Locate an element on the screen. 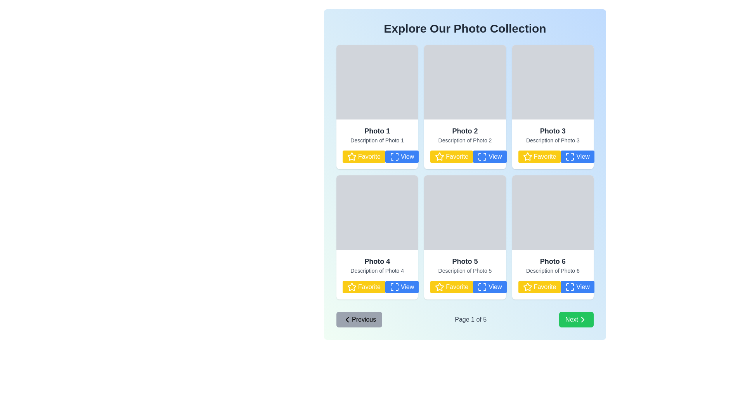  the 'Favorite' button with a star icon on the left, located at the bottom of the 'Photo 1' card in the grid layout is located at coordinates (377, 157).